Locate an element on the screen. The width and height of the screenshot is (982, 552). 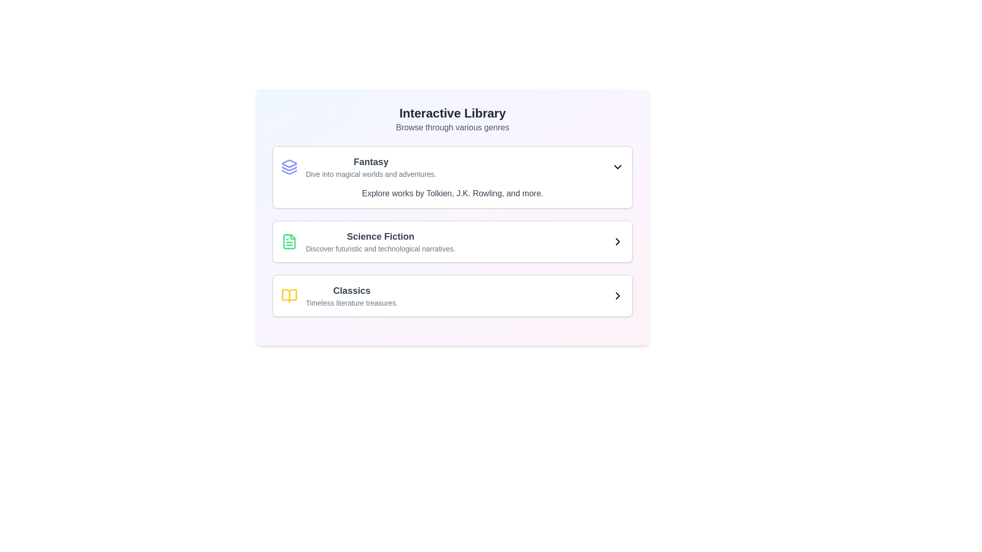
the yellow book icon located in the 'Classics' section of the 'Interactive Library' interface is located at coordinates (289, 295).